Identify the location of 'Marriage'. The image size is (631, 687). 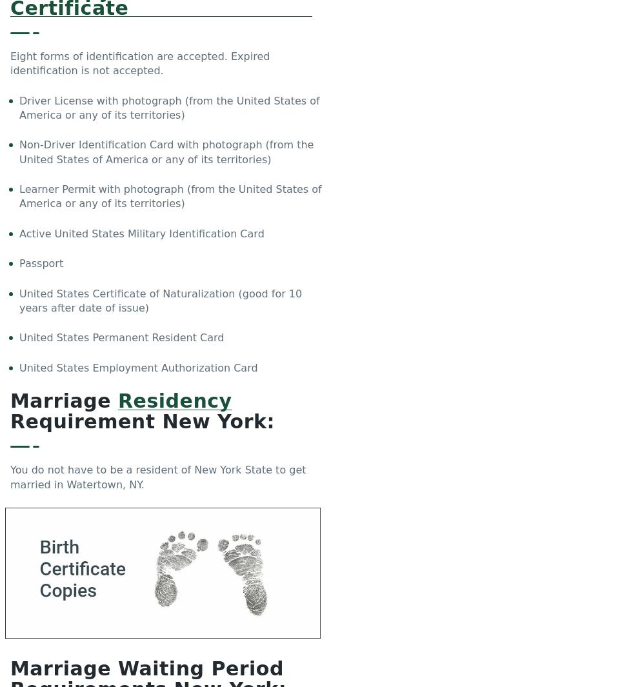
(10, 401).